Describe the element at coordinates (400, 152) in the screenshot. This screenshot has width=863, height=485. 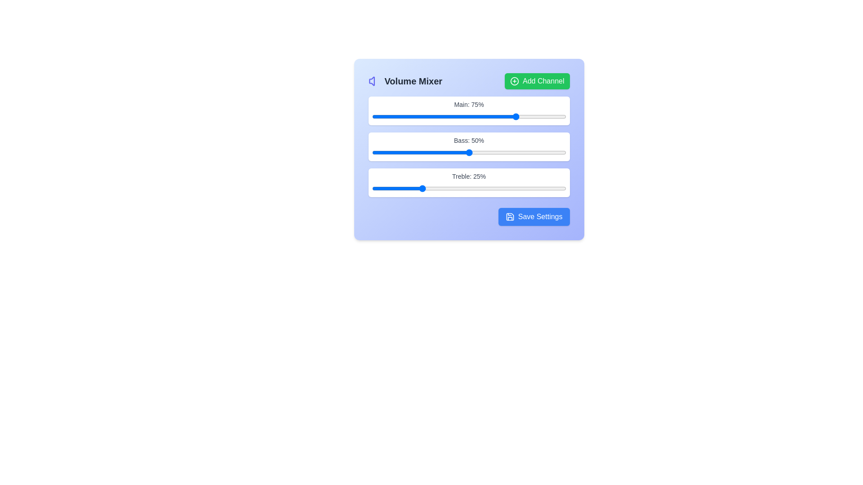
I see `bass level` at that location.